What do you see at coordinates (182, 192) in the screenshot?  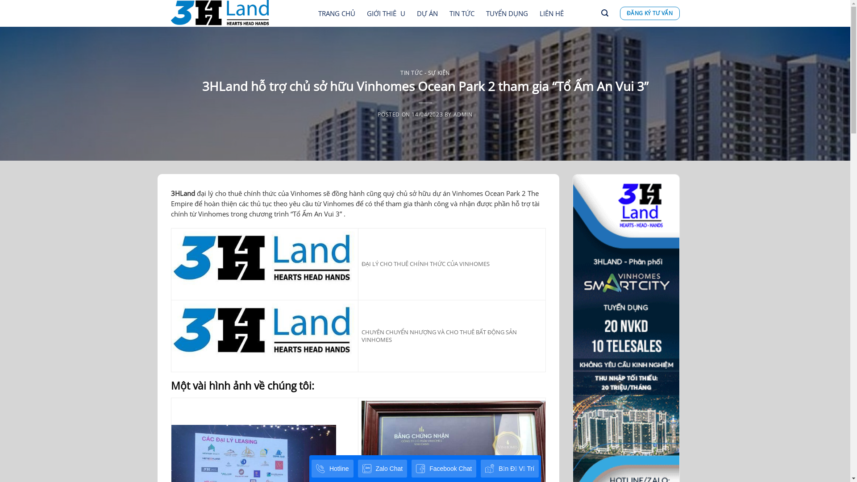 I see `'3HLand'` at bounding box center [182, 192].